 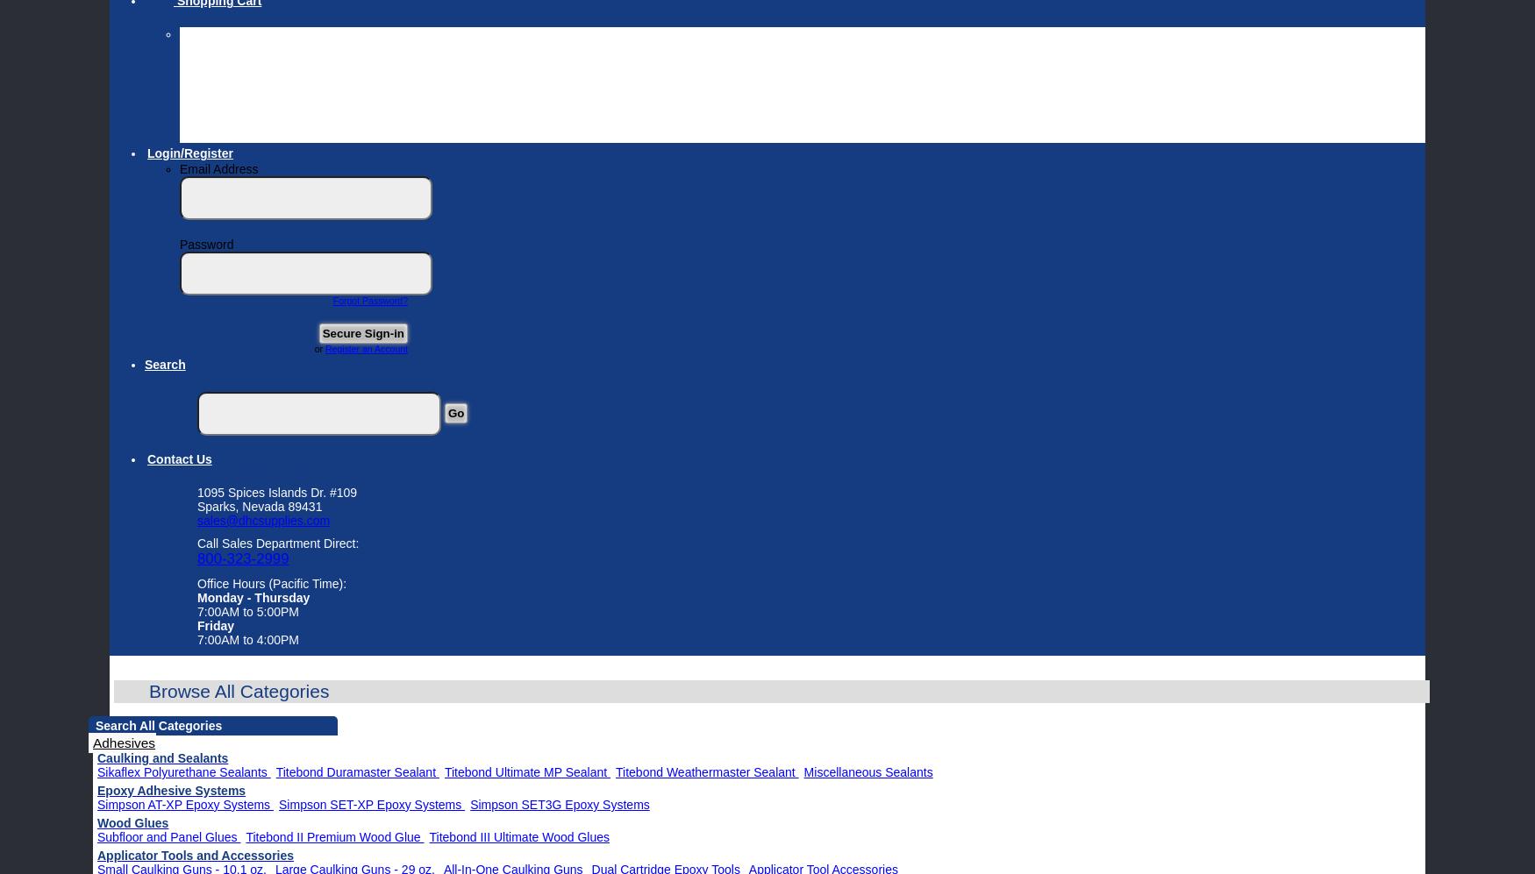 I want to click on '7:00AM to 4:00PM', so click(x=197, y=640).